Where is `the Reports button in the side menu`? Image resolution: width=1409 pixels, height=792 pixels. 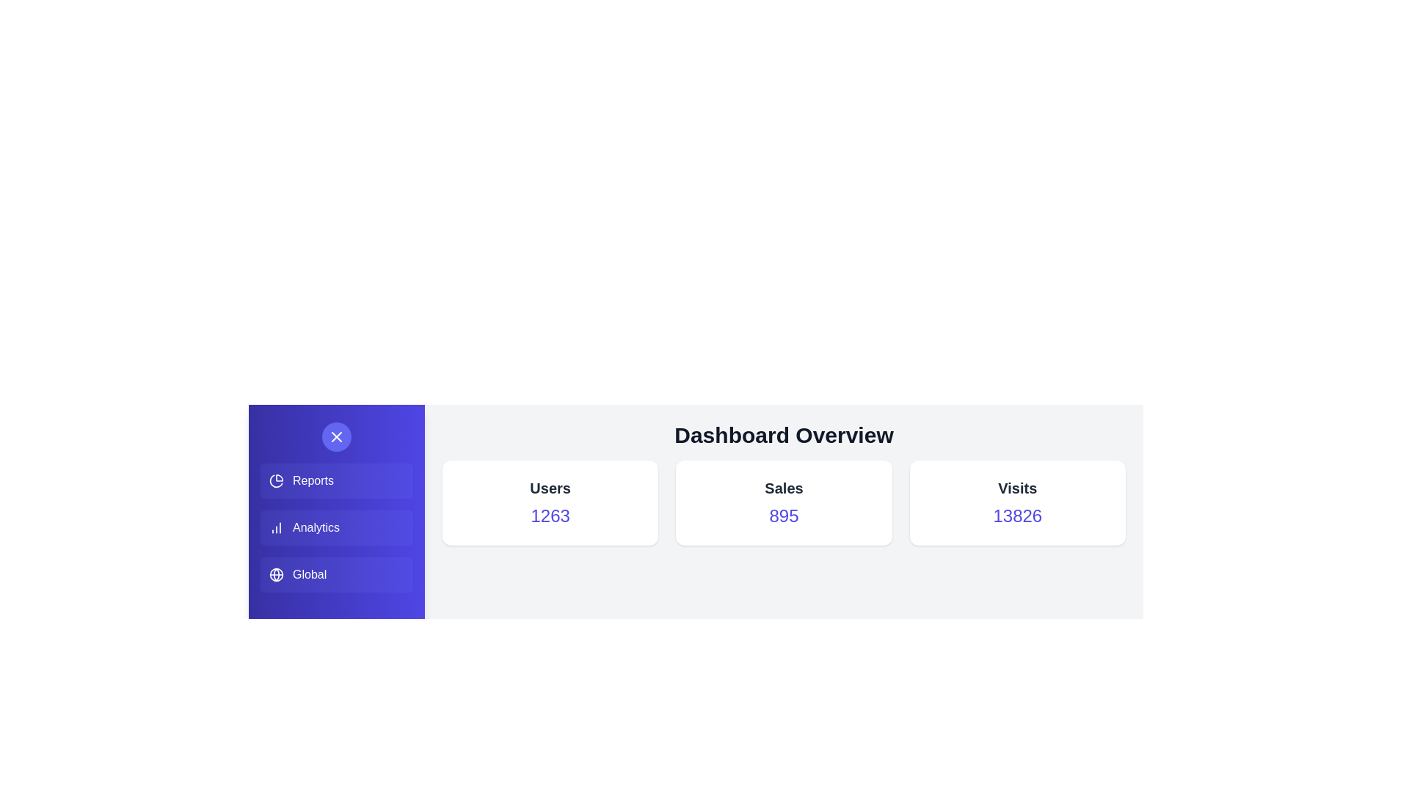 the Reports button in the side menu is located at coordinates (336, 480).